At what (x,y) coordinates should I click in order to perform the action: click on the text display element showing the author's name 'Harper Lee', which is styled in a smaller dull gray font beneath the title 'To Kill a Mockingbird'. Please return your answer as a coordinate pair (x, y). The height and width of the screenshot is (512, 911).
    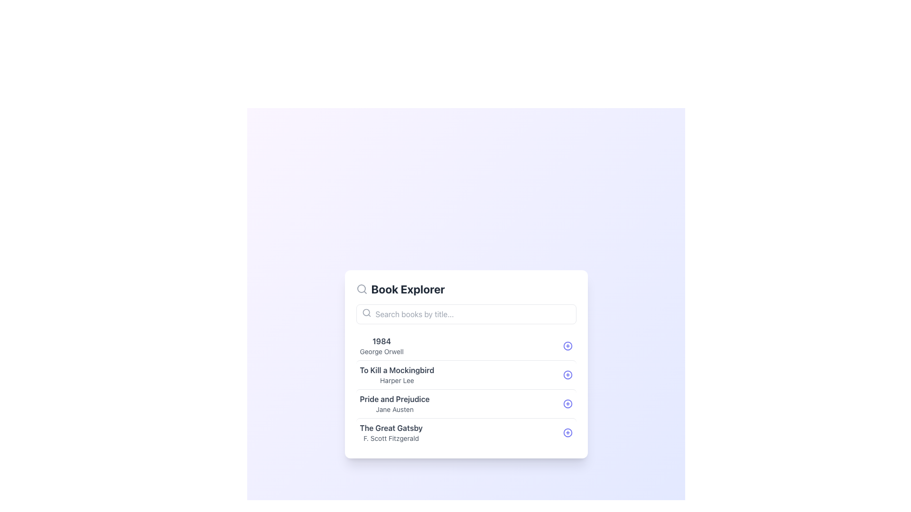
    Looking at the image, I should click on (397, 380).